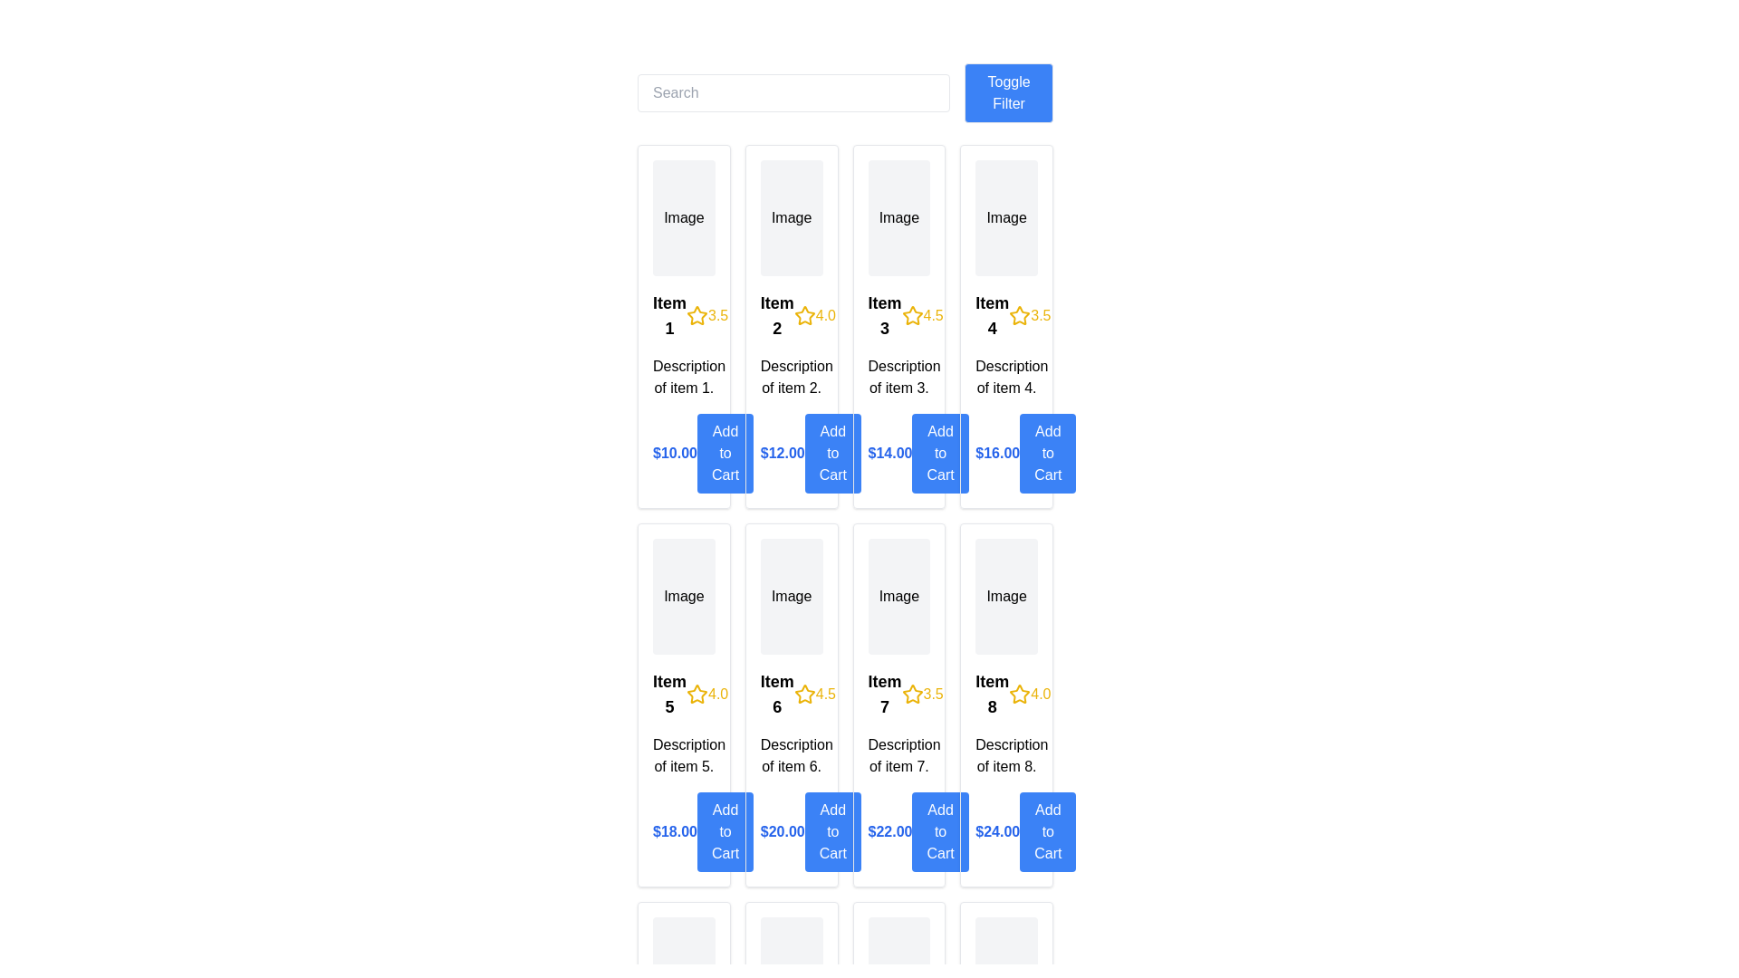  I want to click on the rating icon located to the left of the numeric text '4.0' in the rating section below 'Item 5', so click(697, 694).